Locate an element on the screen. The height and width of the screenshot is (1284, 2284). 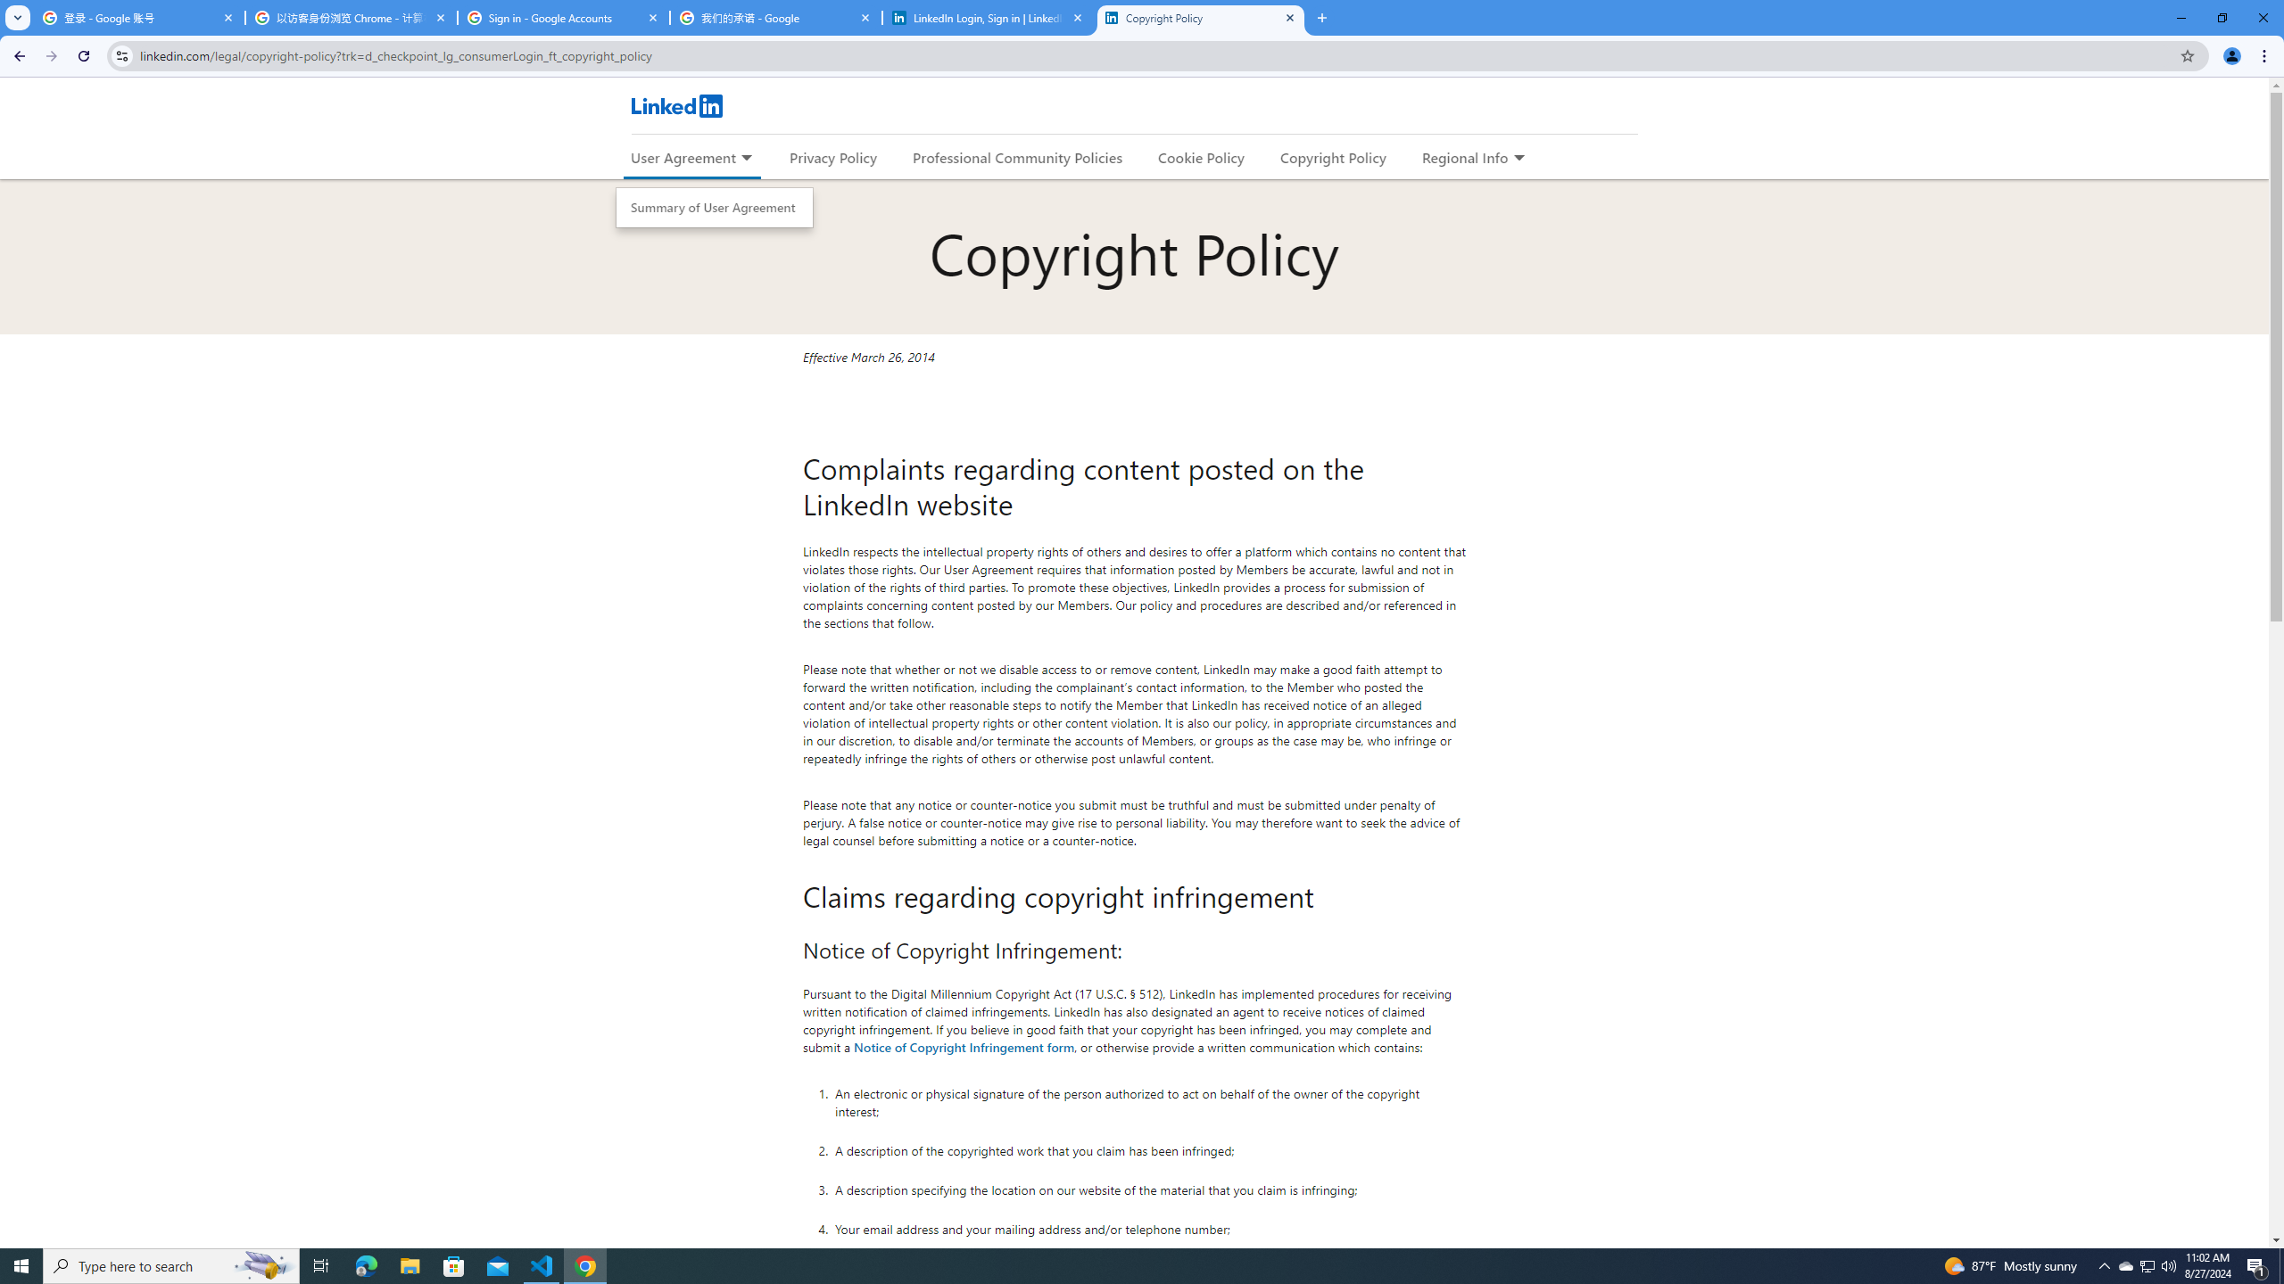
'Copyright Policy' is located at coordinates (1331, 157).